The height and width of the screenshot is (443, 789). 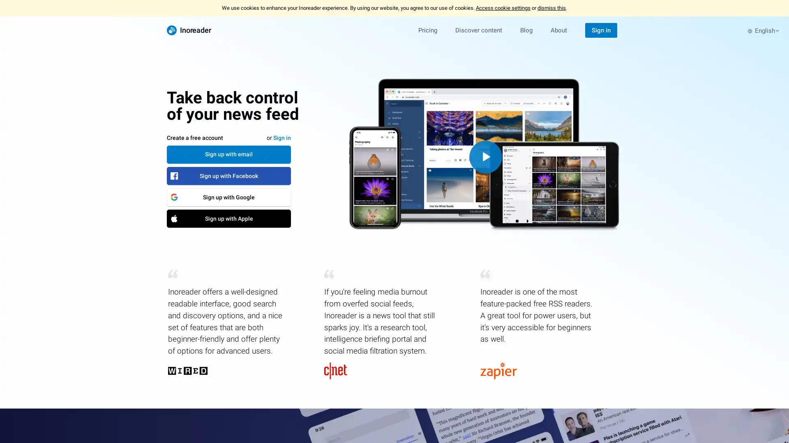 I want to click on Sign up with email, so click(x=228, y=154).